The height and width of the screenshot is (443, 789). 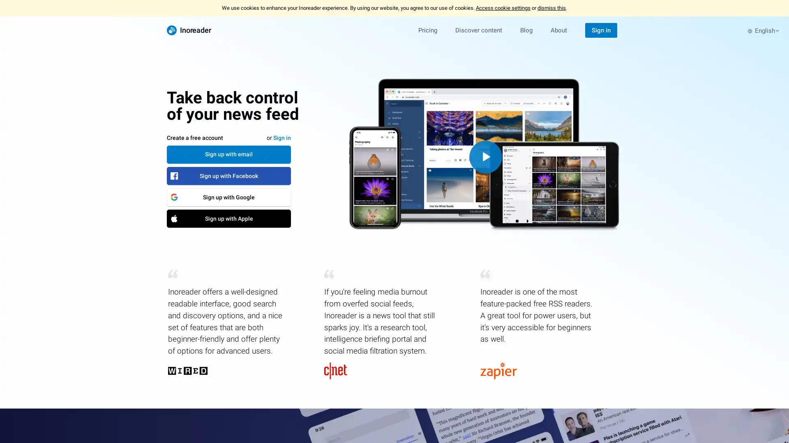 I want to click on Sign up with email, so click(x=228, y=154).